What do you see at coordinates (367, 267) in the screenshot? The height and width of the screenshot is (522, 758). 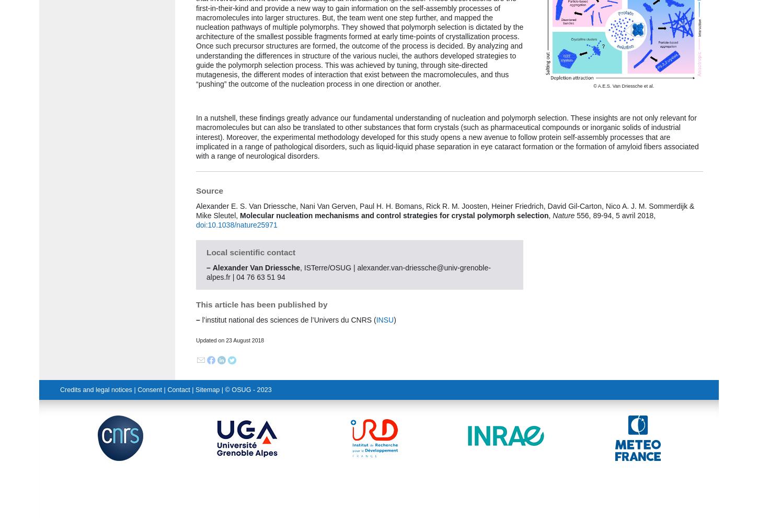 I see `', ISTerre/OSUG | alexander.van-driessche'` at bounding box center [367, 267].